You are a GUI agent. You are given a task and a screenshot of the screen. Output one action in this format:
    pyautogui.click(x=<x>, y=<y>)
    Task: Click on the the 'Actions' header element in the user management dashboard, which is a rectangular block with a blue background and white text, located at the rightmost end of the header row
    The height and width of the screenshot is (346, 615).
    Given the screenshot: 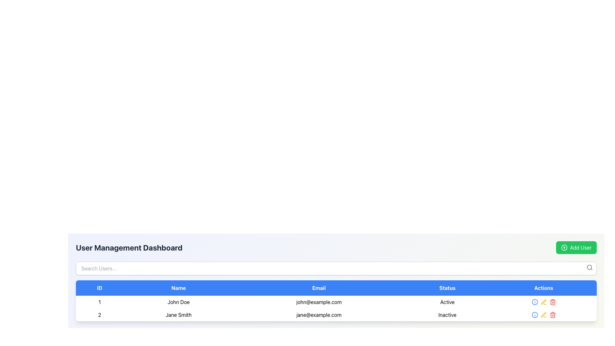 What is the action you would take?
    pyautogui.click(x=543, y=287)
    